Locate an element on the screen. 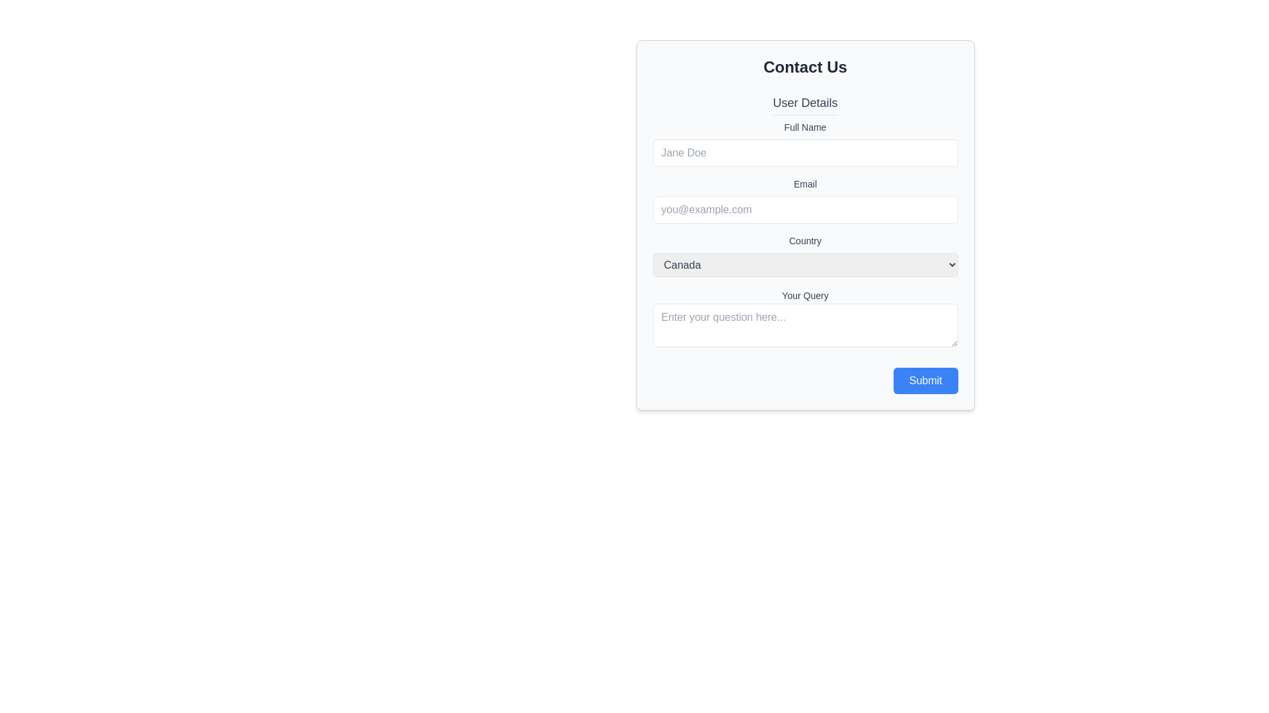 The height and width of the screenshot is (713, 1269). text label displaying 'Your Query', which is positioned above the text input field in the form interface is located at coordinates (804, 294).